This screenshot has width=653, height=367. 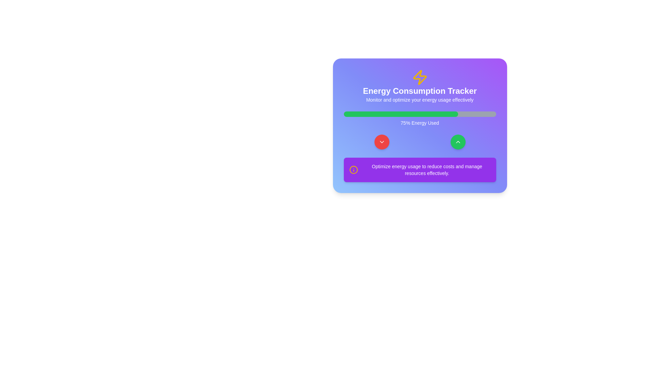 I want to click on information displayed on the text label that shows the percentage of energy used, located beneath the horizontal progress bar in the card interface, so click(x=419, y=123).